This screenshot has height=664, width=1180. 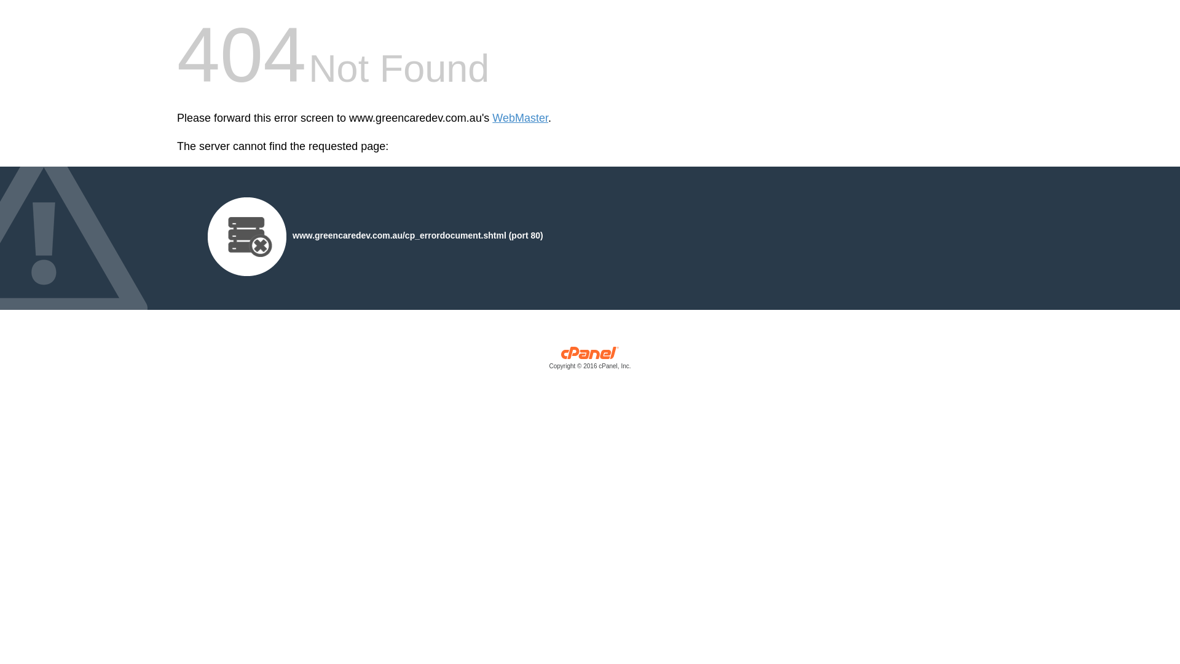 I want to click on 'WebMaster', so click(x=520, y=118).